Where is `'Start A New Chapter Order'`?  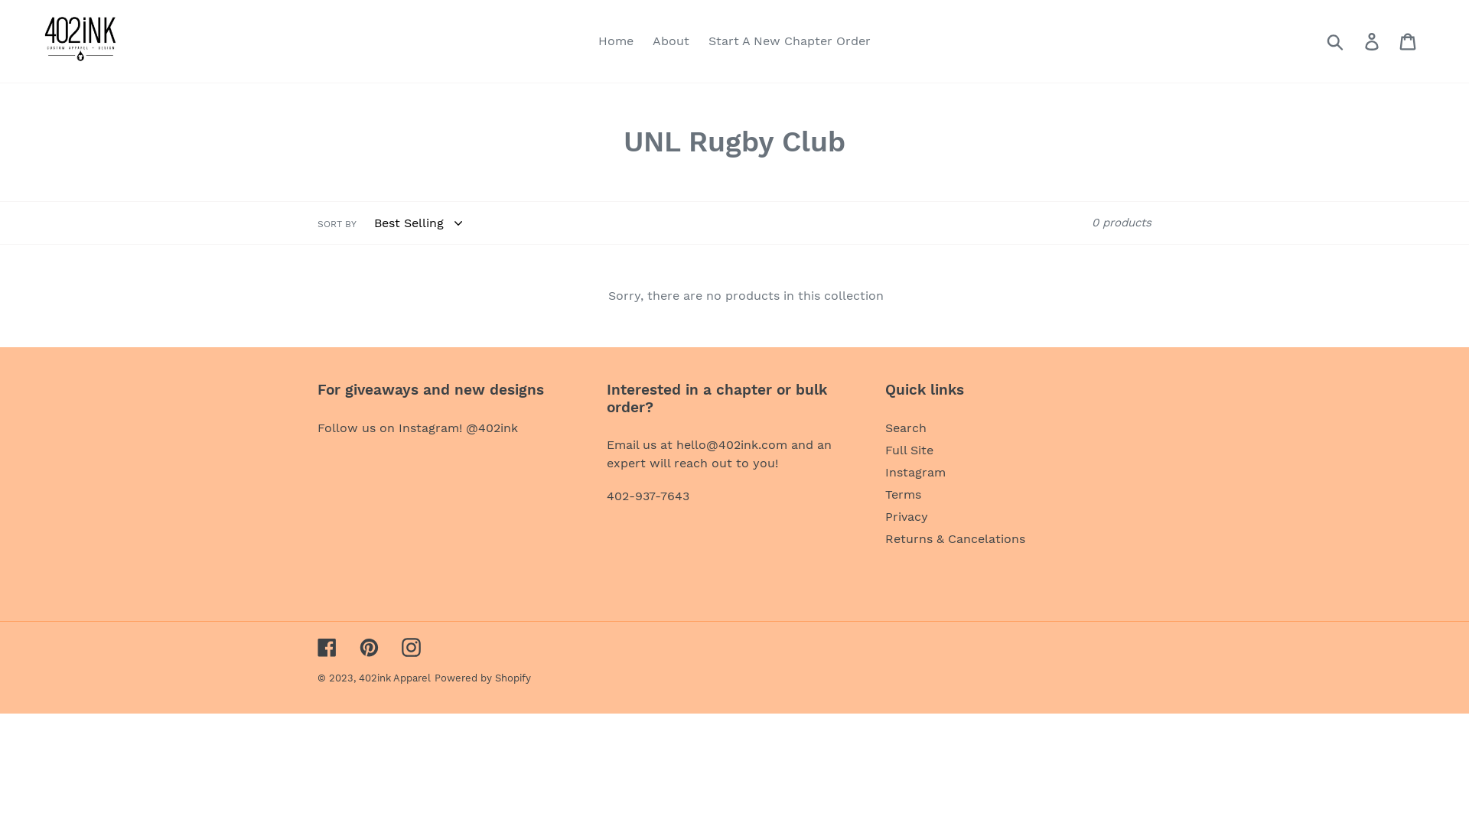
'Start A New Chapter Order' is located at coordinates (790, 41).